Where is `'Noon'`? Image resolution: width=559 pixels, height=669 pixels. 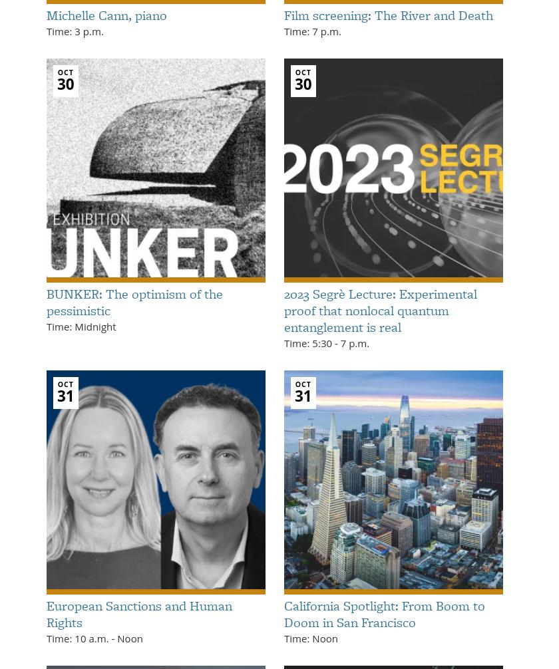
'Noon' is located at coordinates (114, 637).